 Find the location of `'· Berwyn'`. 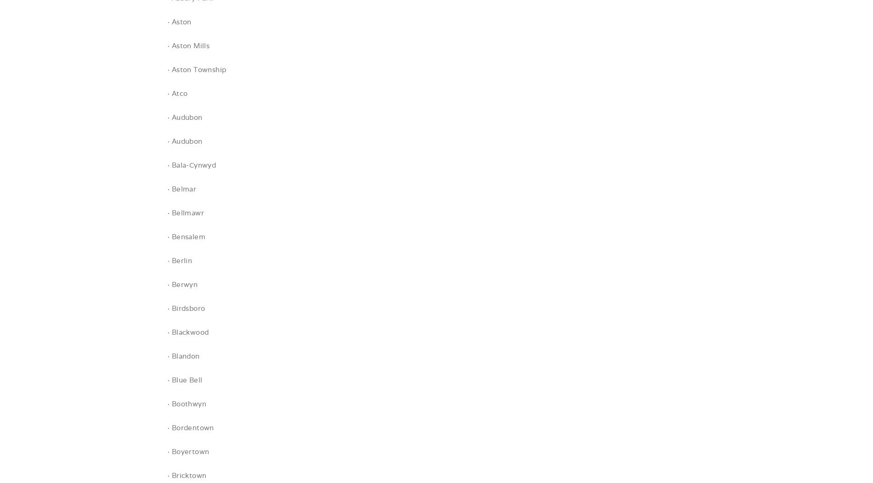

'· Berwyn' is located at coordinates (182, 284).